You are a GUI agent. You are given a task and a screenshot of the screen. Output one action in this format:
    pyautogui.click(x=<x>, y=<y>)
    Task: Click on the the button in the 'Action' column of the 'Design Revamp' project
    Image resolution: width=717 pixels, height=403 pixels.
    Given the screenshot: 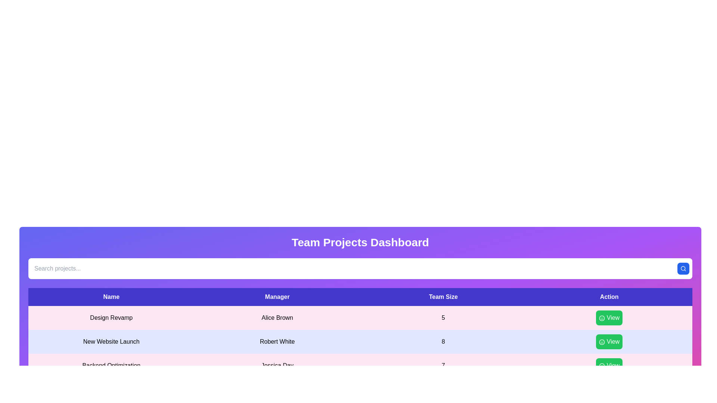 What is the action you would take?
    pyautogui.click(x=609, y=318)
    